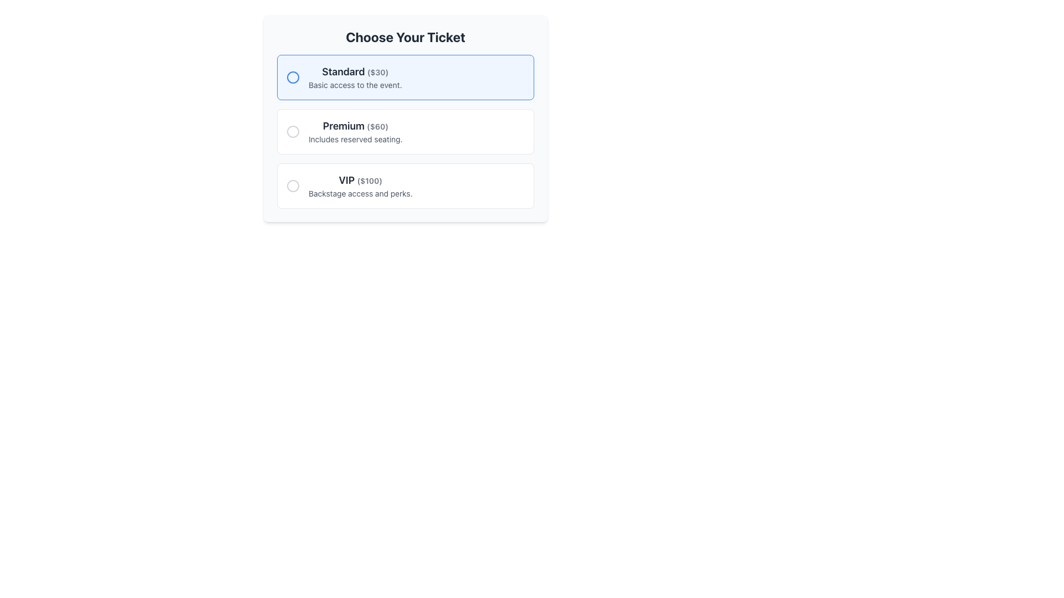 The width and height of the screenshot is (1064, 598). I want to click on the icon indicating the first selectable ticket option next to 'Standard ($30)' in the 'Choose Your Ticket' list, so click(293, 76).